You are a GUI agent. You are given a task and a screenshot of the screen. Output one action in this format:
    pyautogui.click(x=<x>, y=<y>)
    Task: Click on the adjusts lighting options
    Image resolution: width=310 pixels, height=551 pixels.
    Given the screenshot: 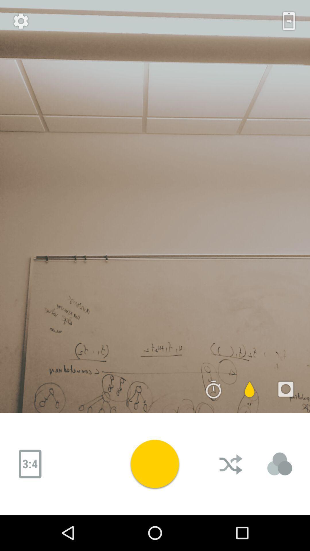 What is the action you would take?
    pyautogui.click(x=280, y=464)
    